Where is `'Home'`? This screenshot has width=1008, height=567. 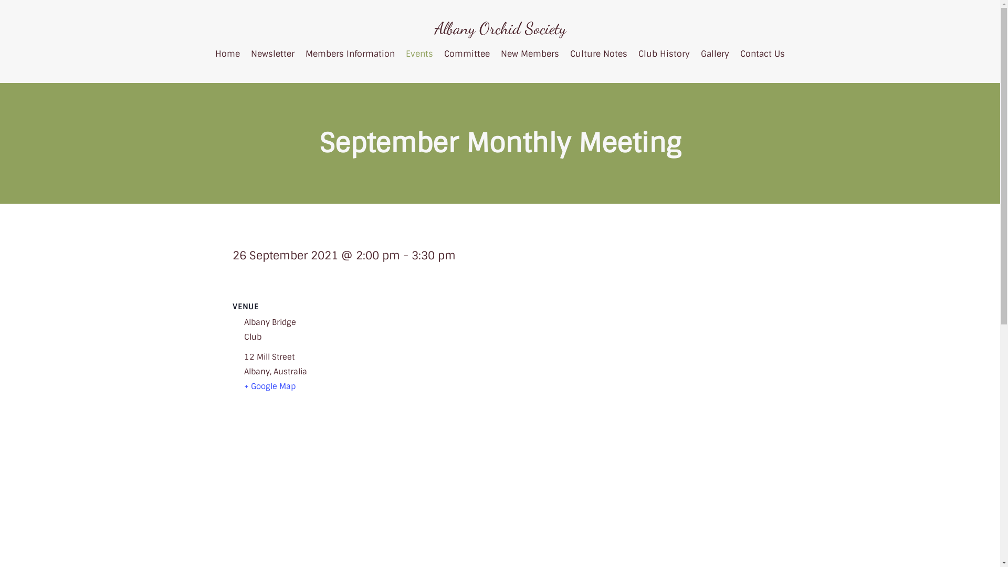 'Home' is located at coordinates (209, 52).